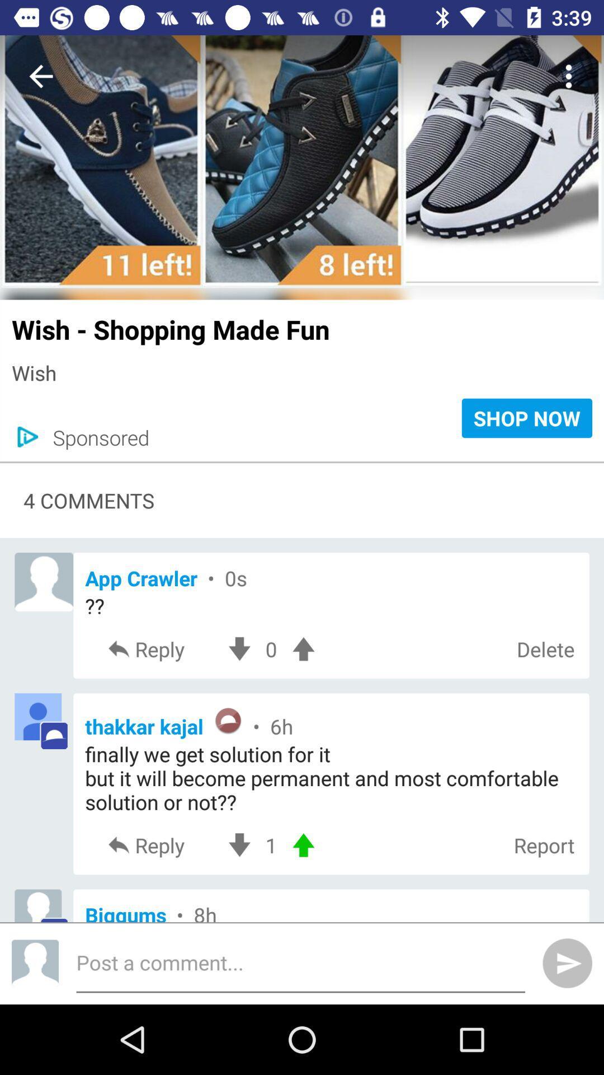 This screenshot has height=1075, width=604. I want to click on the item below ?? icon, so click(545, 649).